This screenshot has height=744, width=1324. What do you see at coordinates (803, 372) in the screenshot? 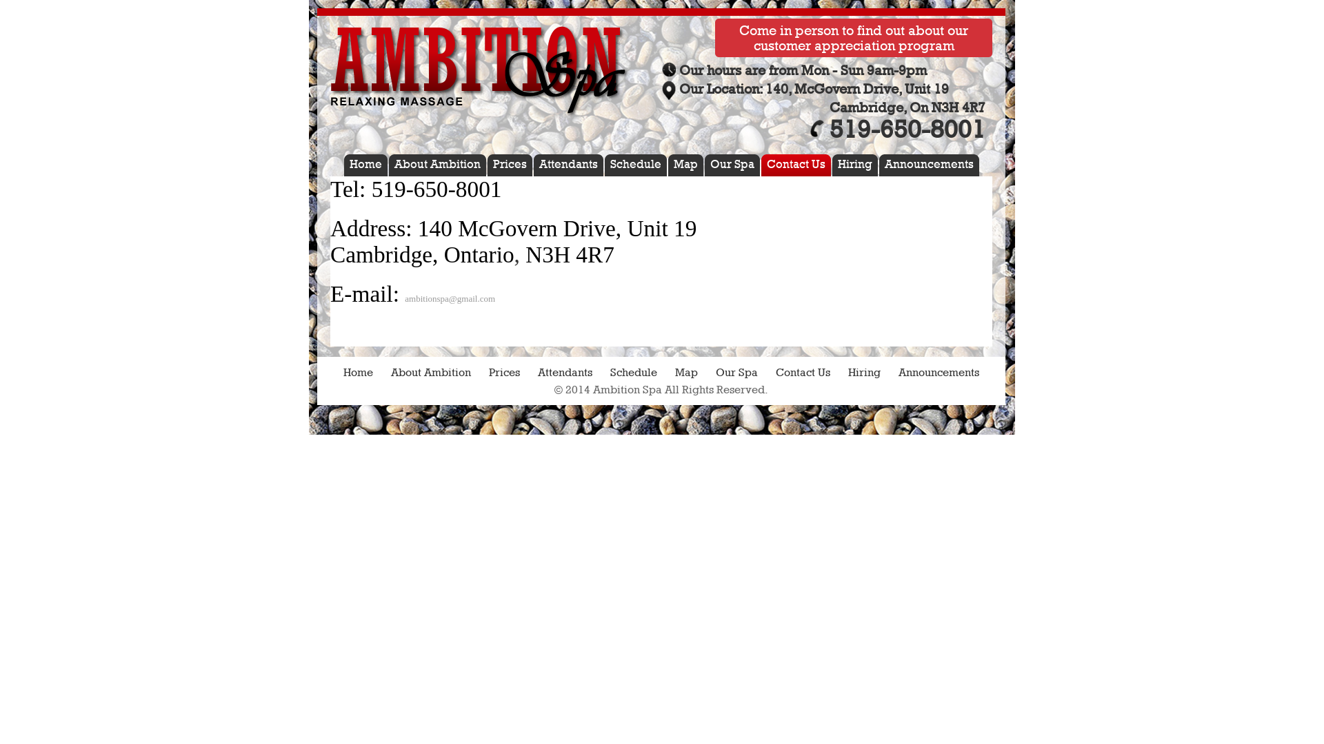
I see `'Contact Us'` at bounding box center [803, 372].